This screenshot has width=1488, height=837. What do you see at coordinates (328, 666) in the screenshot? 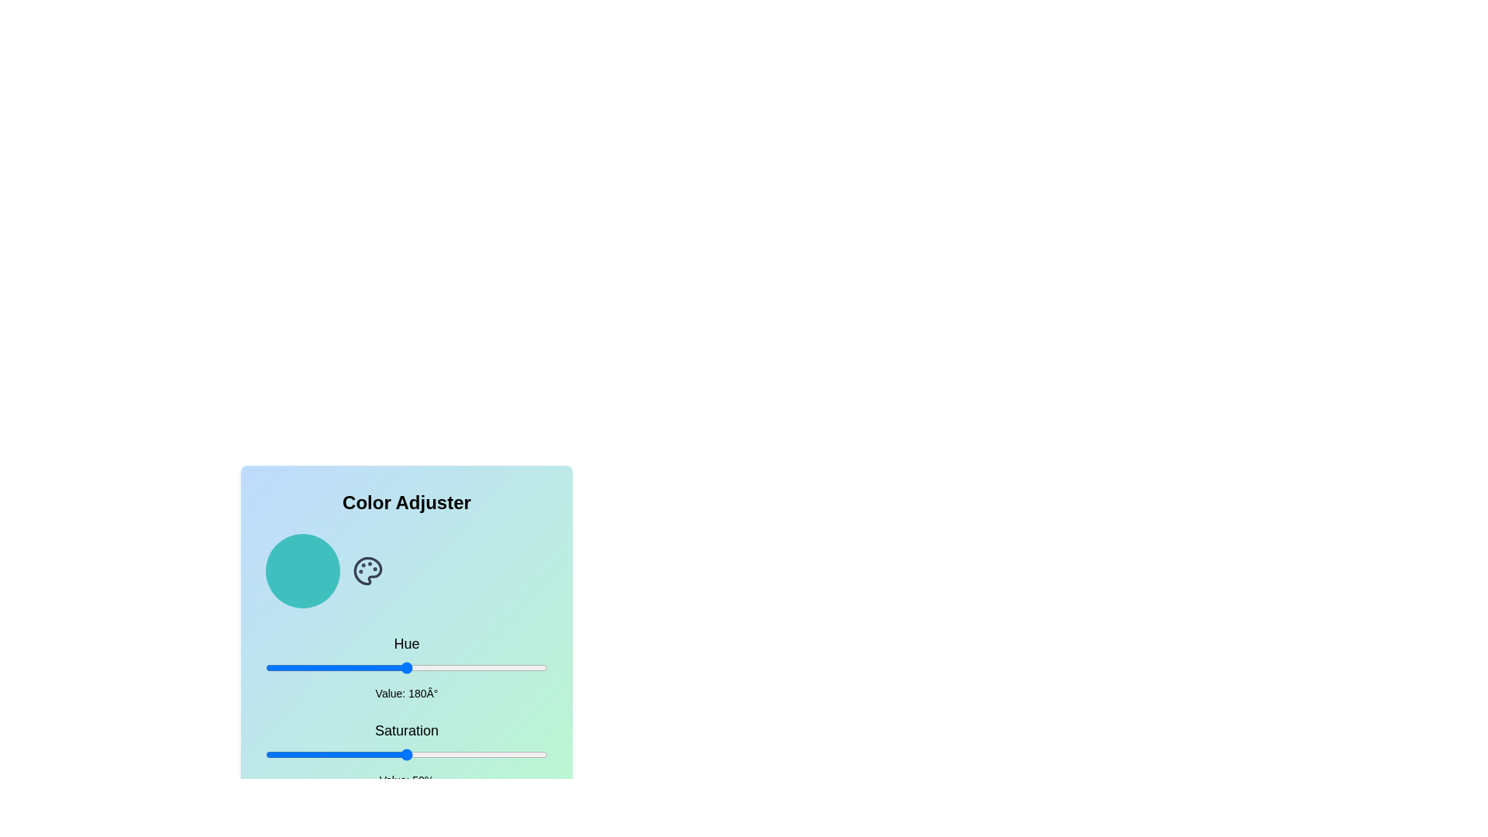
I see `the hue to 81 by adjusting the slider` at bounding box center [328, 666].